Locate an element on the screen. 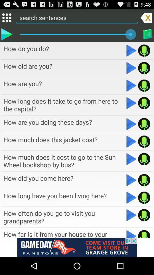 This screenshot has width=154, height=275. sound is located at coordinates (144, 198).